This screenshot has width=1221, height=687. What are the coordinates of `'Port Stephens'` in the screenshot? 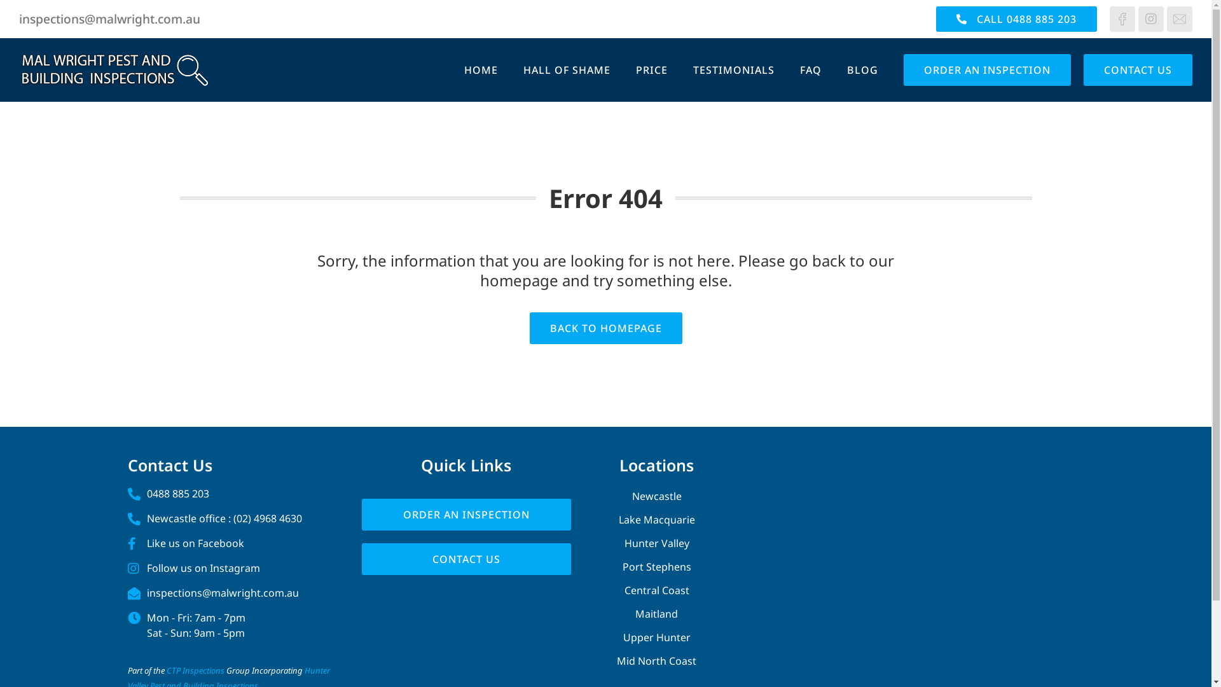 It's located at (595, 566).